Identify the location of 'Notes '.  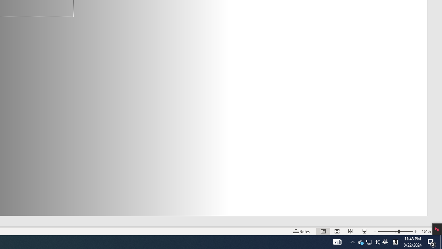
(302, 231).